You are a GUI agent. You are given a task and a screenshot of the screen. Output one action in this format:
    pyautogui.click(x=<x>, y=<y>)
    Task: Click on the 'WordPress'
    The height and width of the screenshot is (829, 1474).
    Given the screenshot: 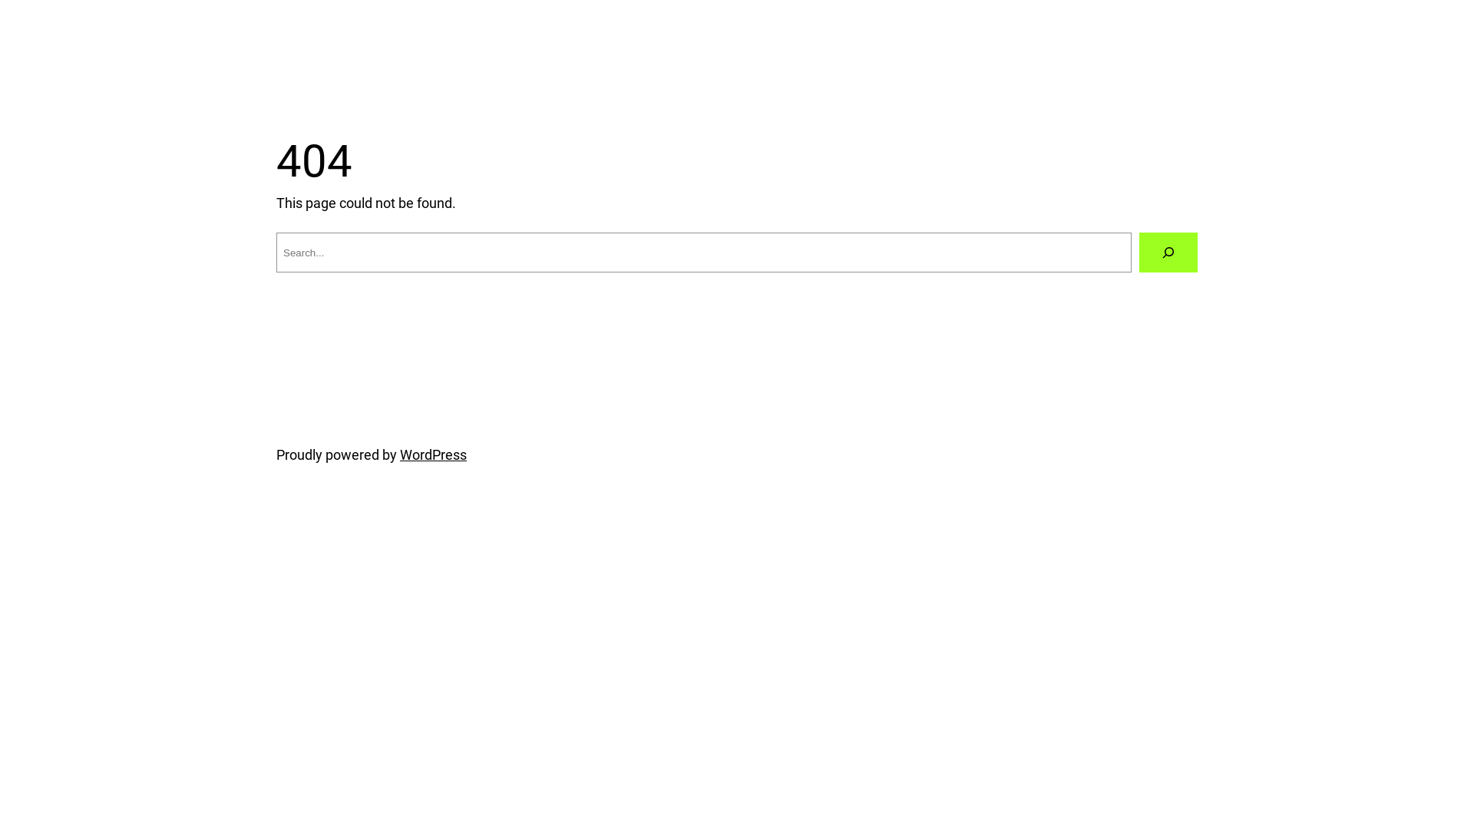 What is the action you would take?
    pyautogui.click(x=432, y=454)
    